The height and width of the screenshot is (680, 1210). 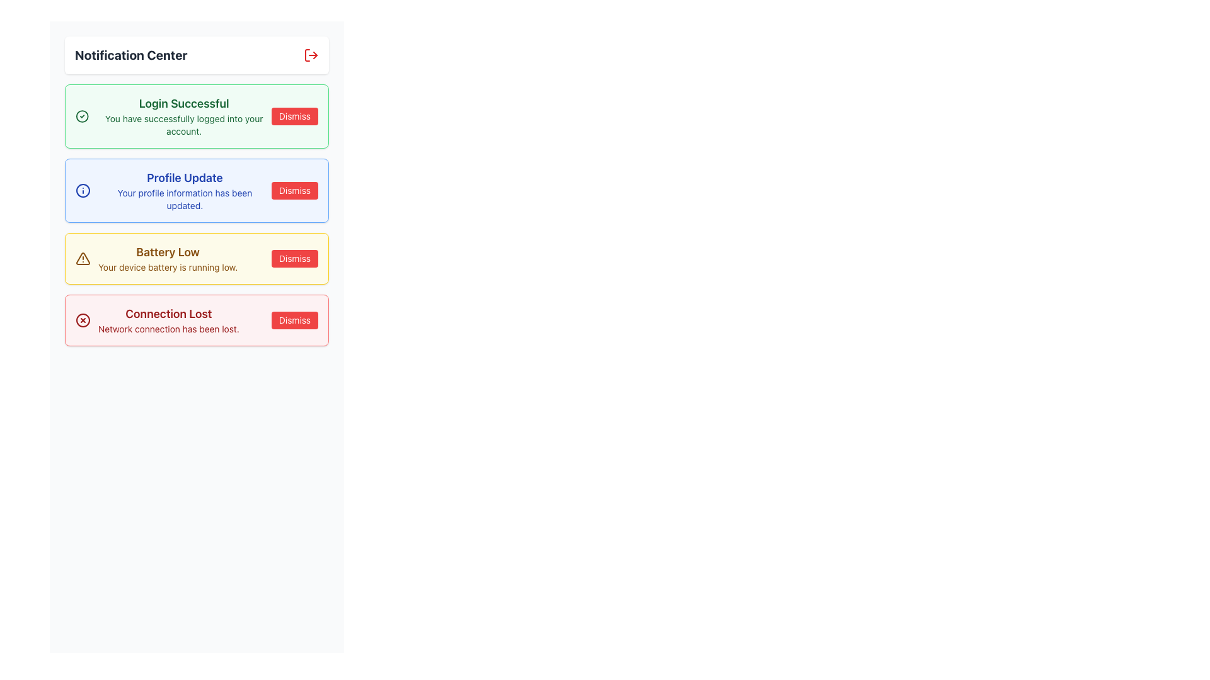 I want to click on the informational text label indicating that the user's profile information has been updated, located within the 'Profile Update' notification box, so click(x=184, y=198).